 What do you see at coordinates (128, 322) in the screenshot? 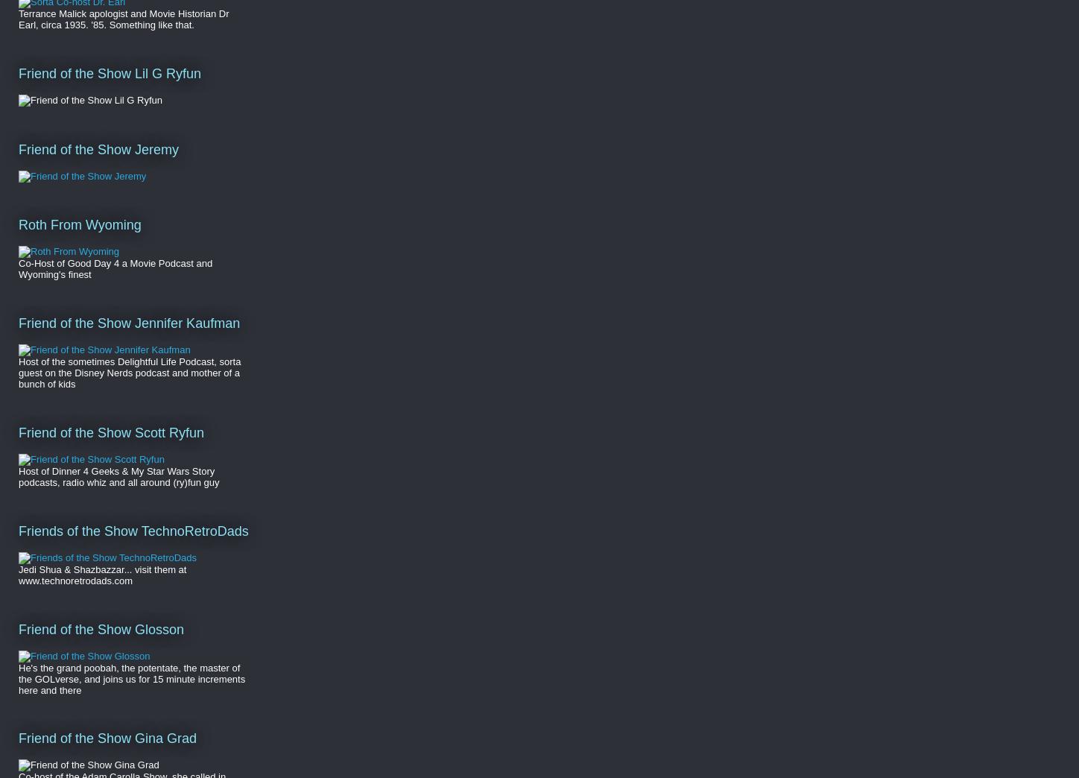
I see `'Friend of the Show Jennifer Kaufman'` at bounding box center [128, 322].